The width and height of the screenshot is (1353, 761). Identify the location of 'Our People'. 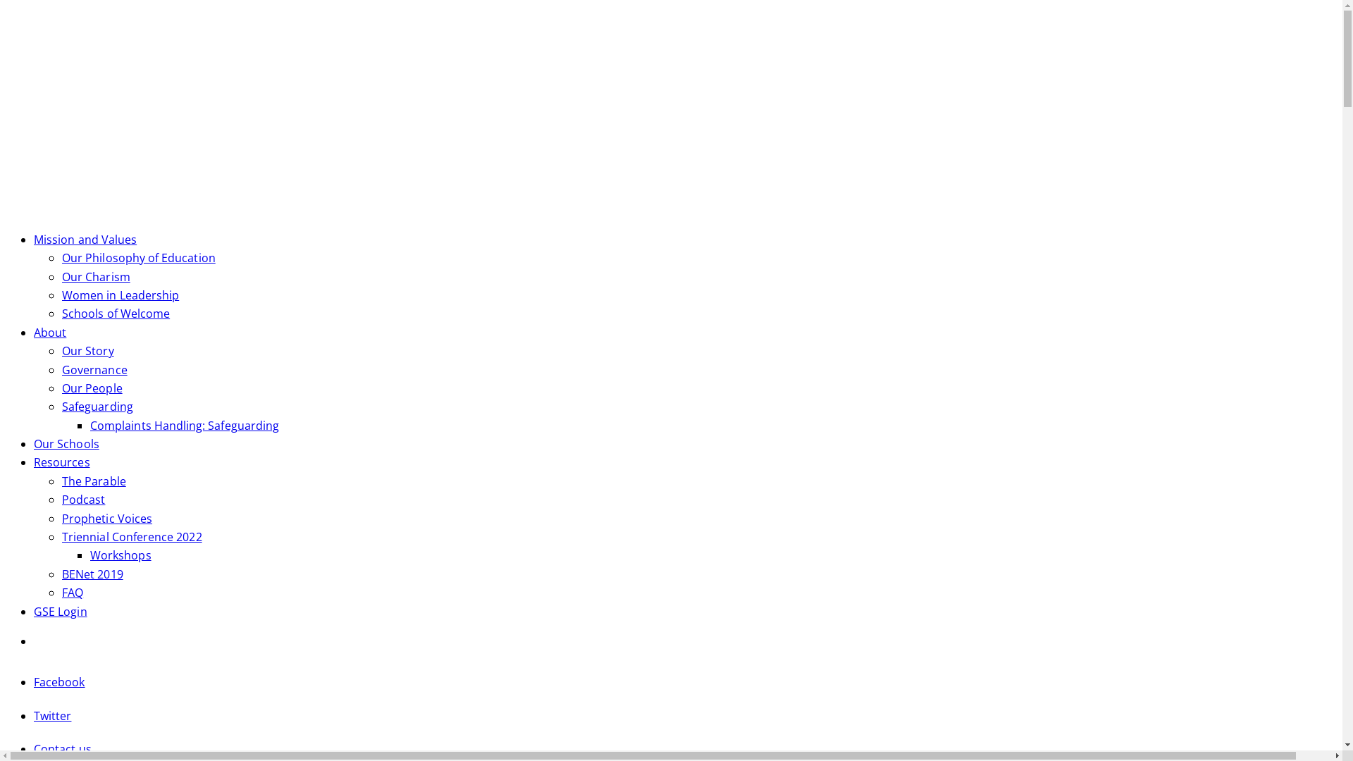
(91, 388).